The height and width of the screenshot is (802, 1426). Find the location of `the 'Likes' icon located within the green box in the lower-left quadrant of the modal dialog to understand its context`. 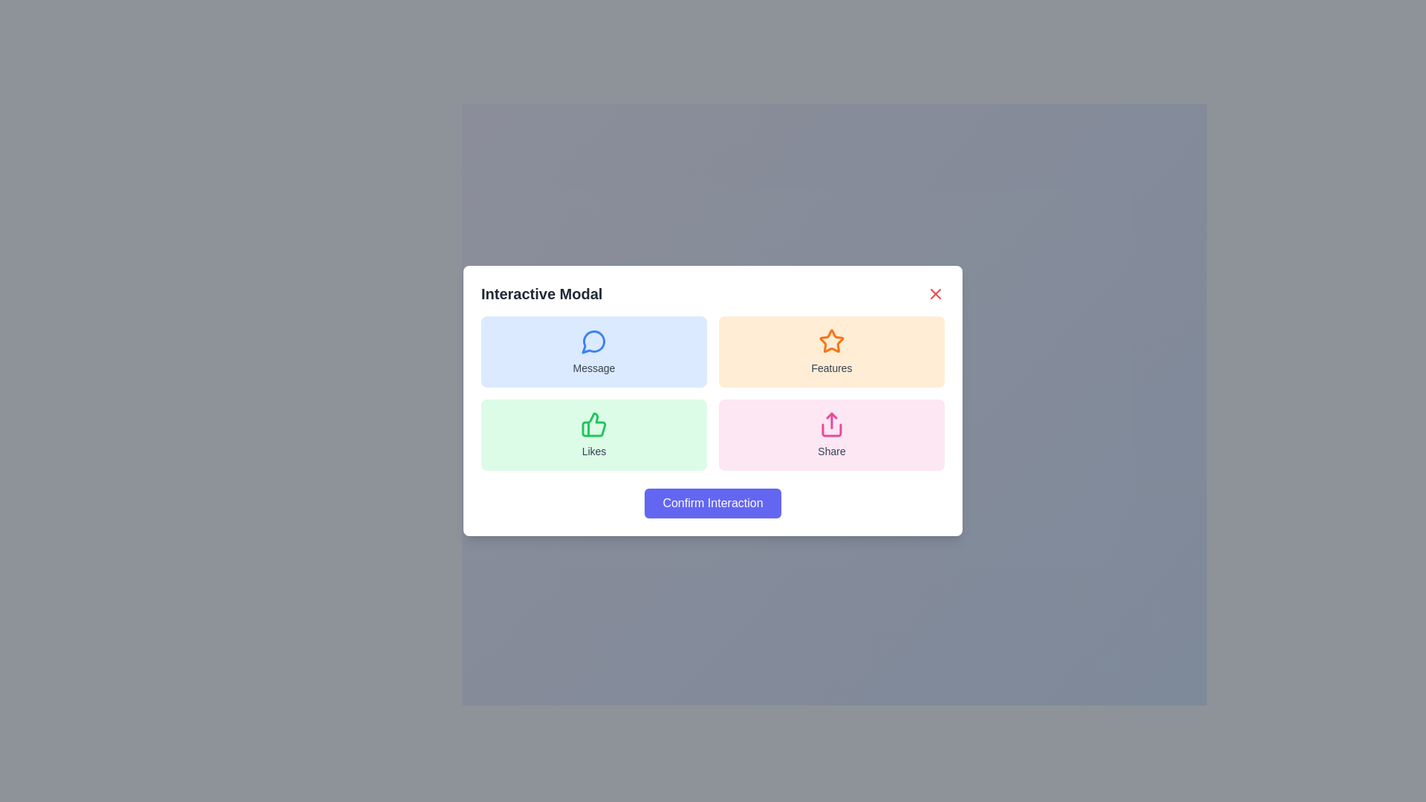

the 'Likes' icon located within the green box in the lower-left quadrant of the modal dialog to understand its context is located at coordinates (593, 424).